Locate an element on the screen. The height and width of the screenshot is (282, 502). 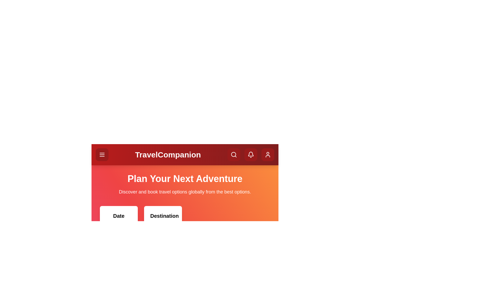
the 'Date' option to select it is located at coordinates (118, 232).